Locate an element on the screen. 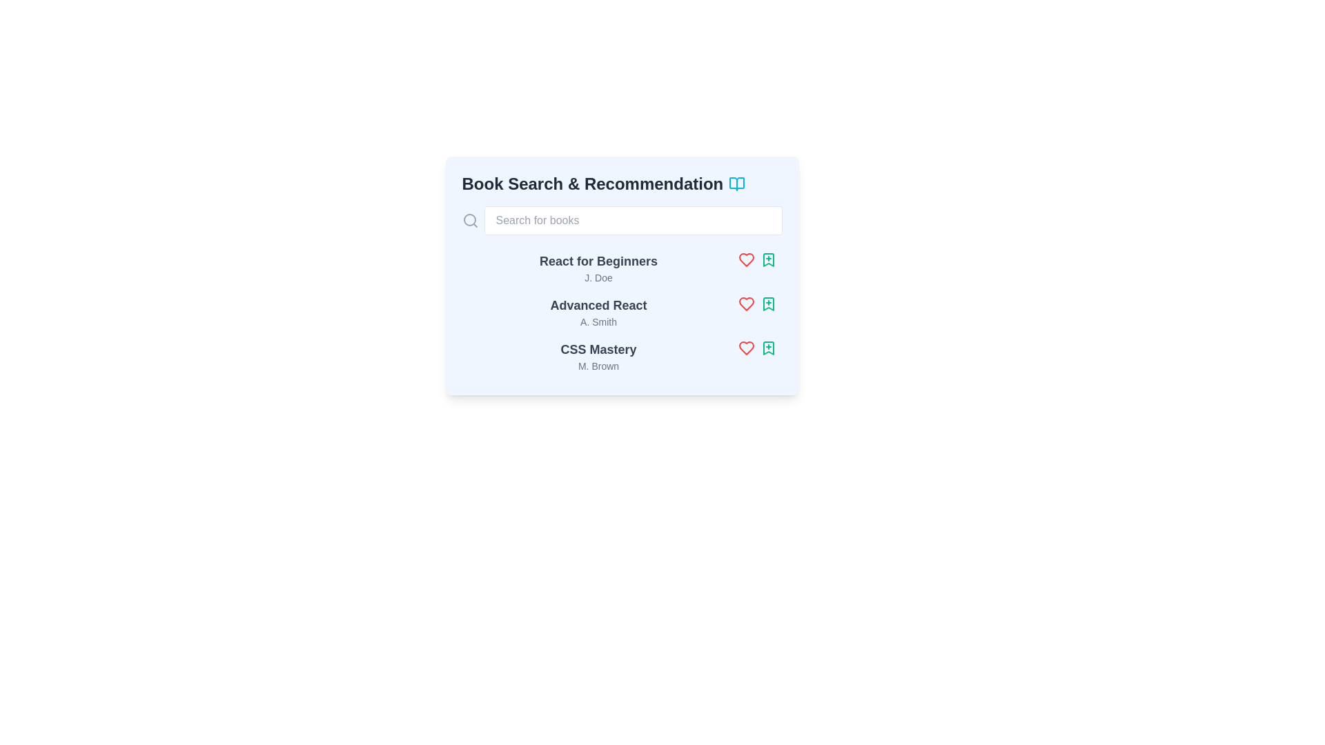  the circular gray search icon that is positioned to the left of the input field in the search bar is located at coordinates (470, 220).